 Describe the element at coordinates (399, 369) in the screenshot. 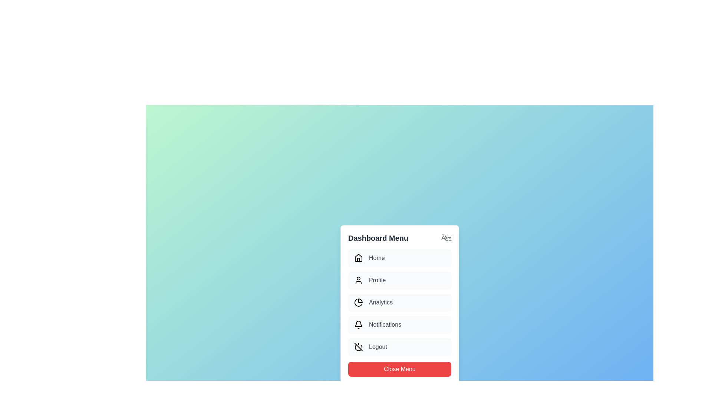

I see `the 'Close Menu' button to close the dashboard menu` at that location.